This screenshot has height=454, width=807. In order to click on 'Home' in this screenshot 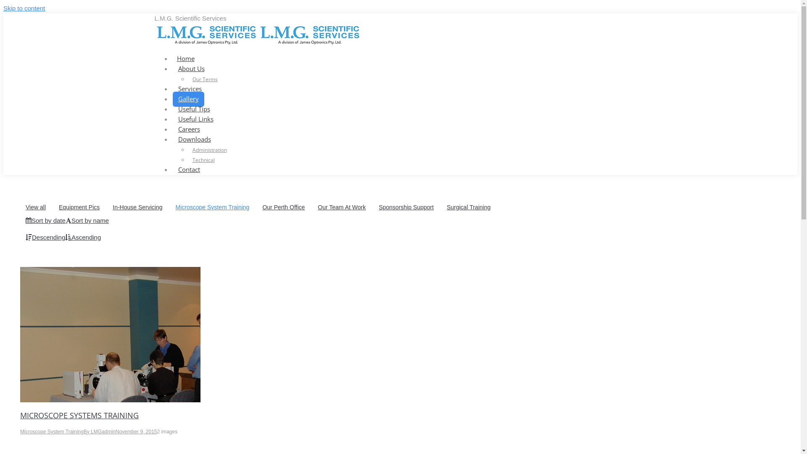, I will do `click(185, 58)`.